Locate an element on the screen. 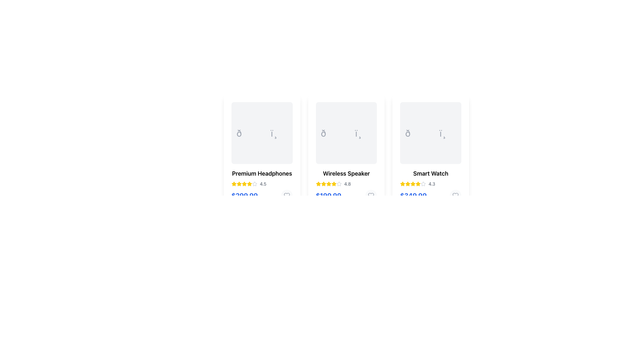  the first star icon is located at coordinates (254, 184).